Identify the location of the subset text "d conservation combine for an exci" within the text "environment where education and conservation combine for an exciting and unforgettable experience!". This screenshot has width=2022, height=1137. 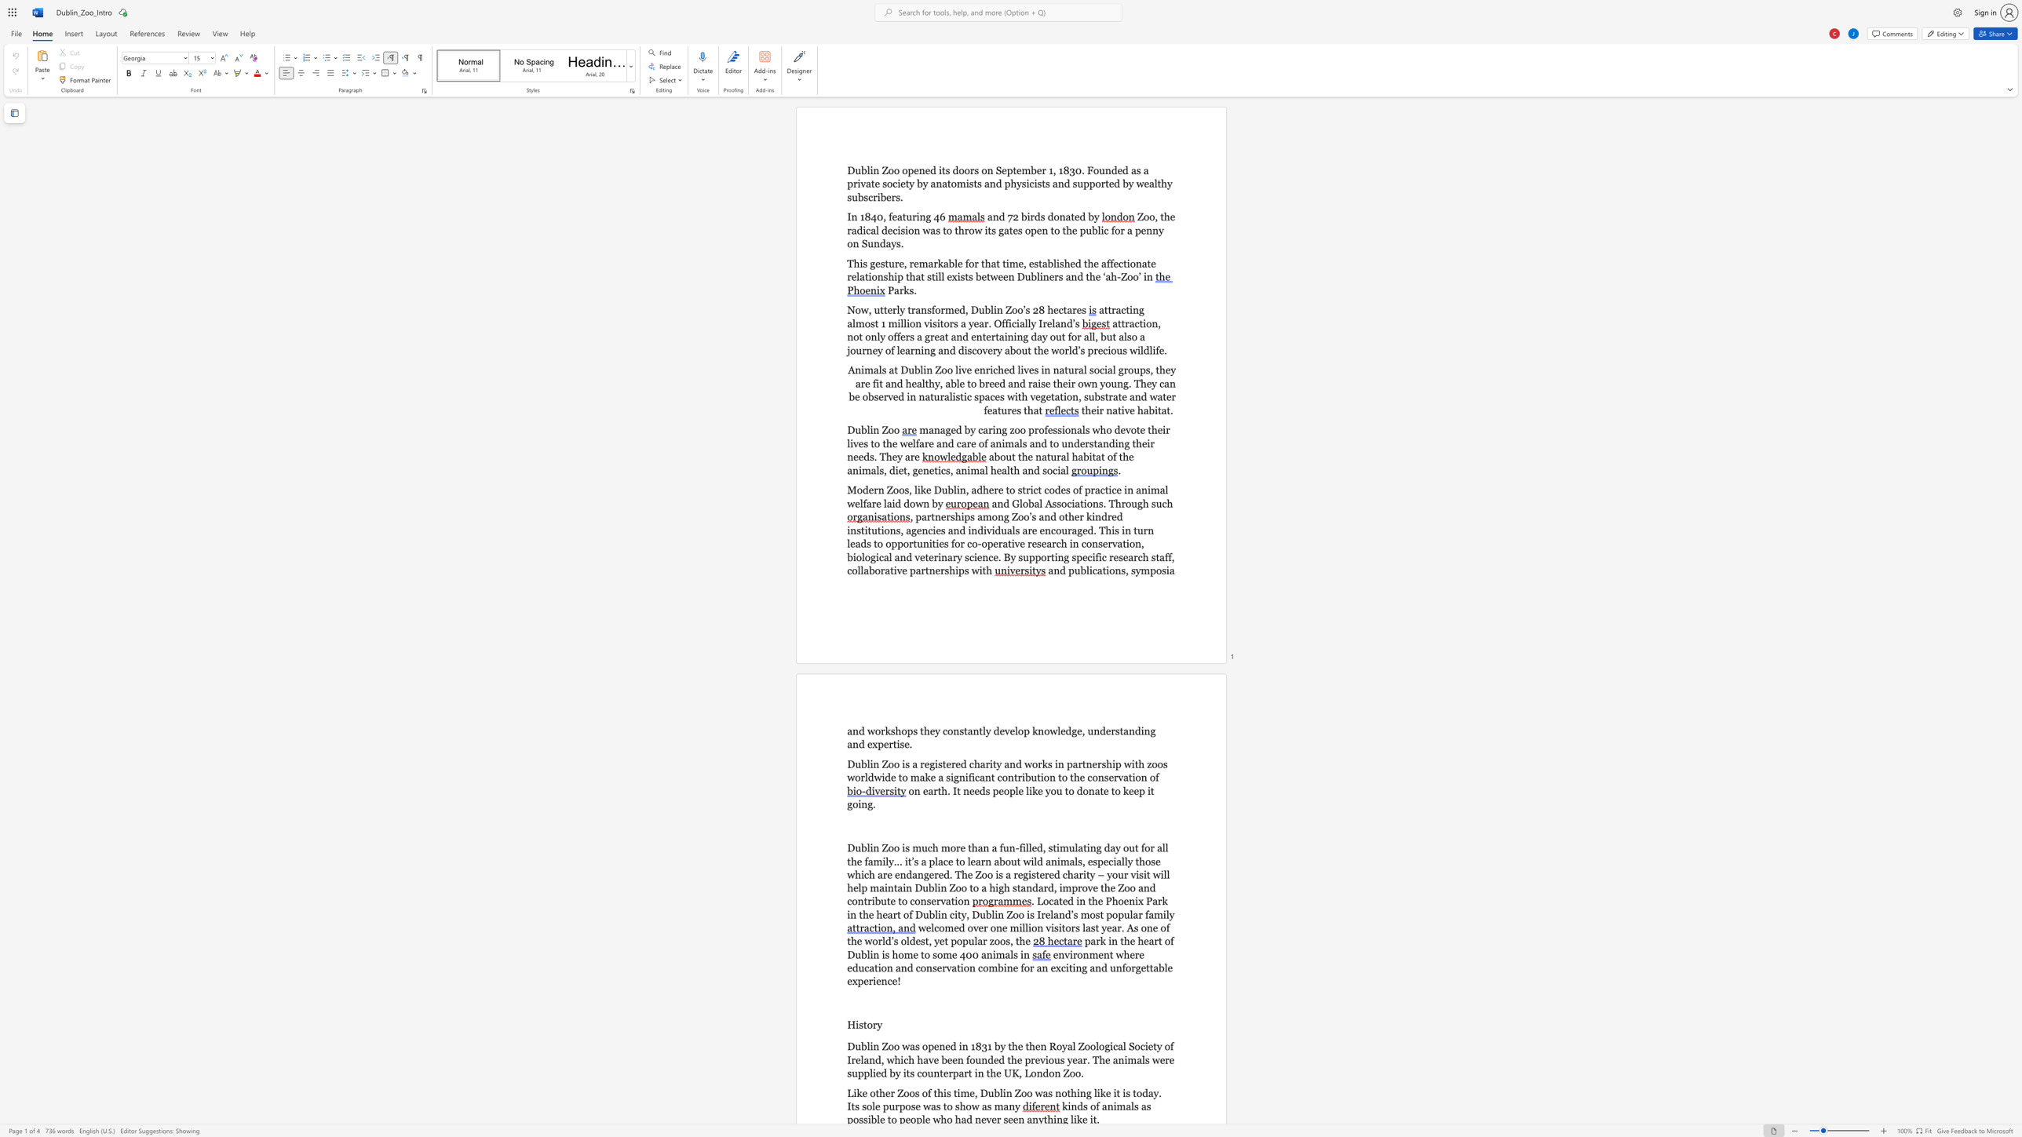
(907, 967).